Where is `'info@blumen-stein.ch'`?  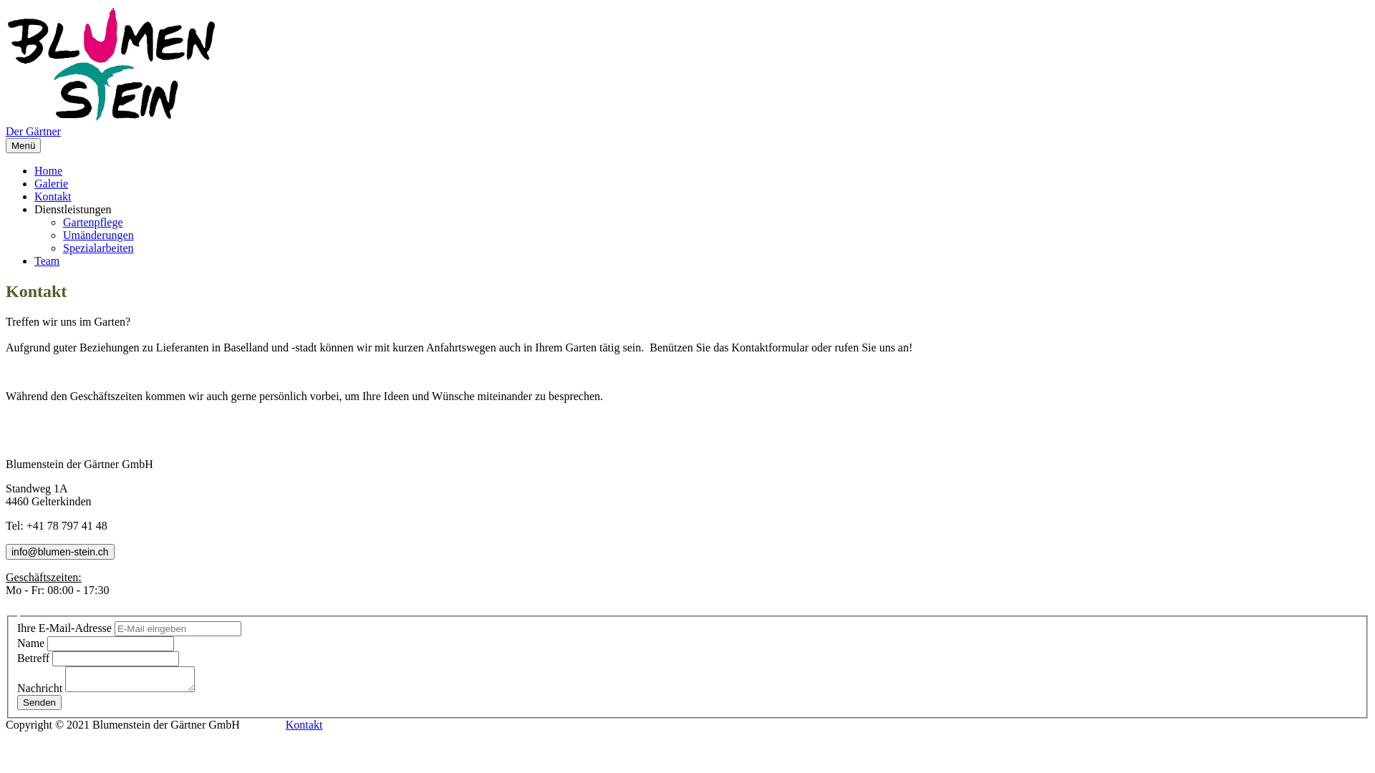
'info@blumen-stein.ch' is located at coordinates (6, 551).